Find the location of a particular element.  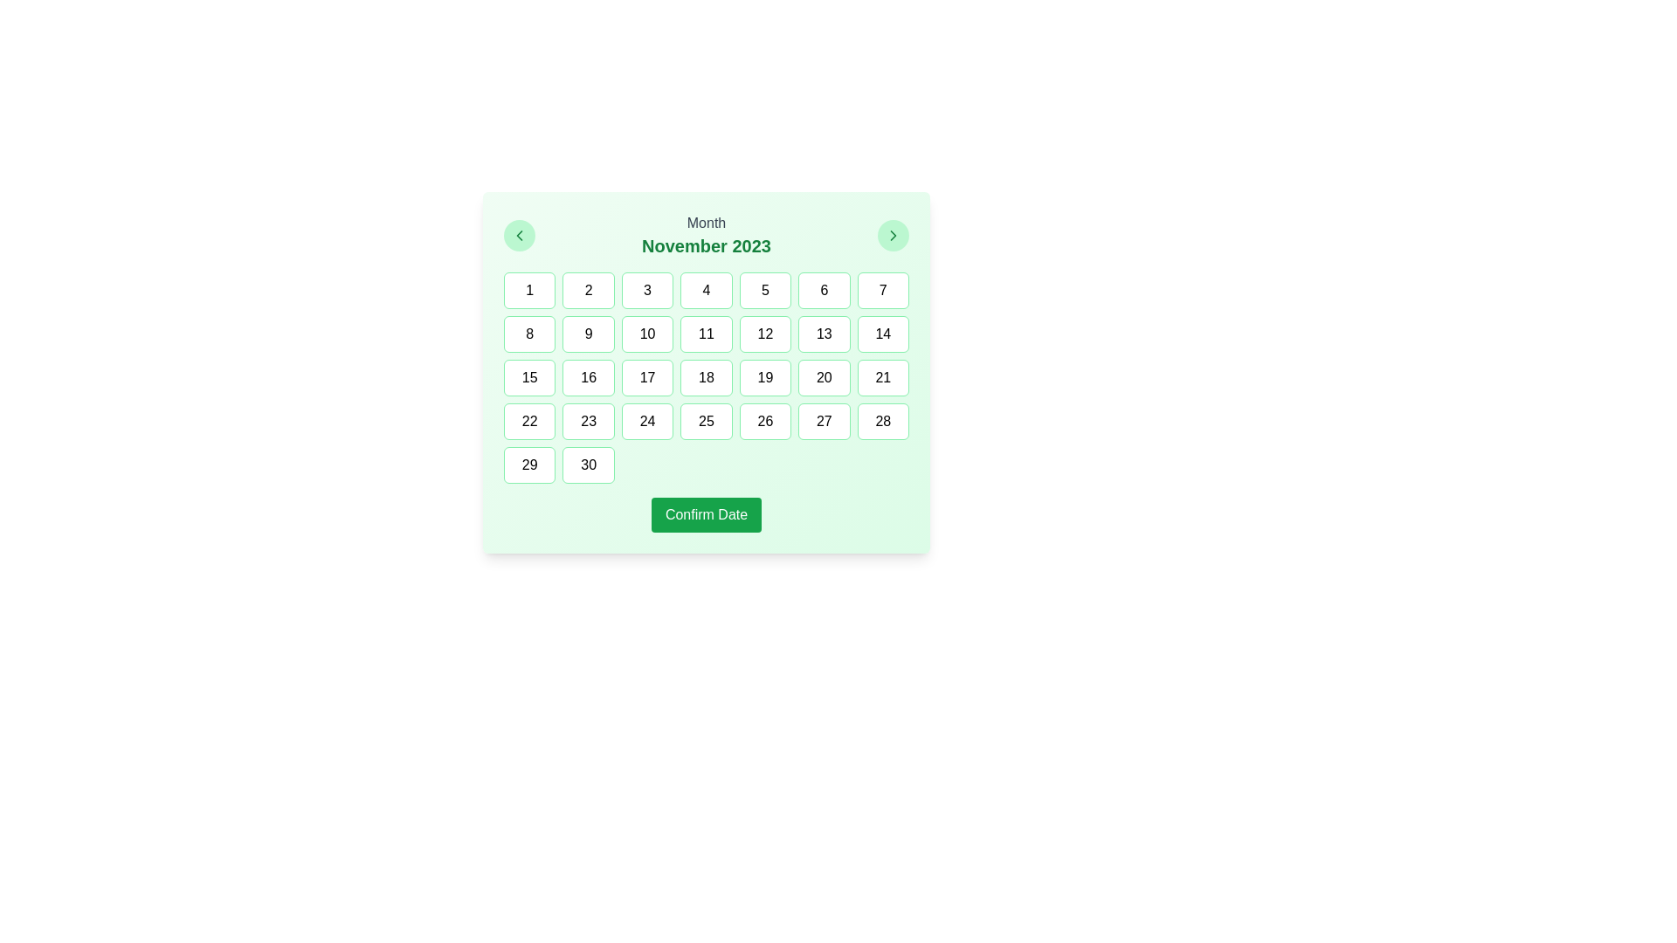

the button displaying the number '3' with a white background and green border is located at coordinates (646, 289).